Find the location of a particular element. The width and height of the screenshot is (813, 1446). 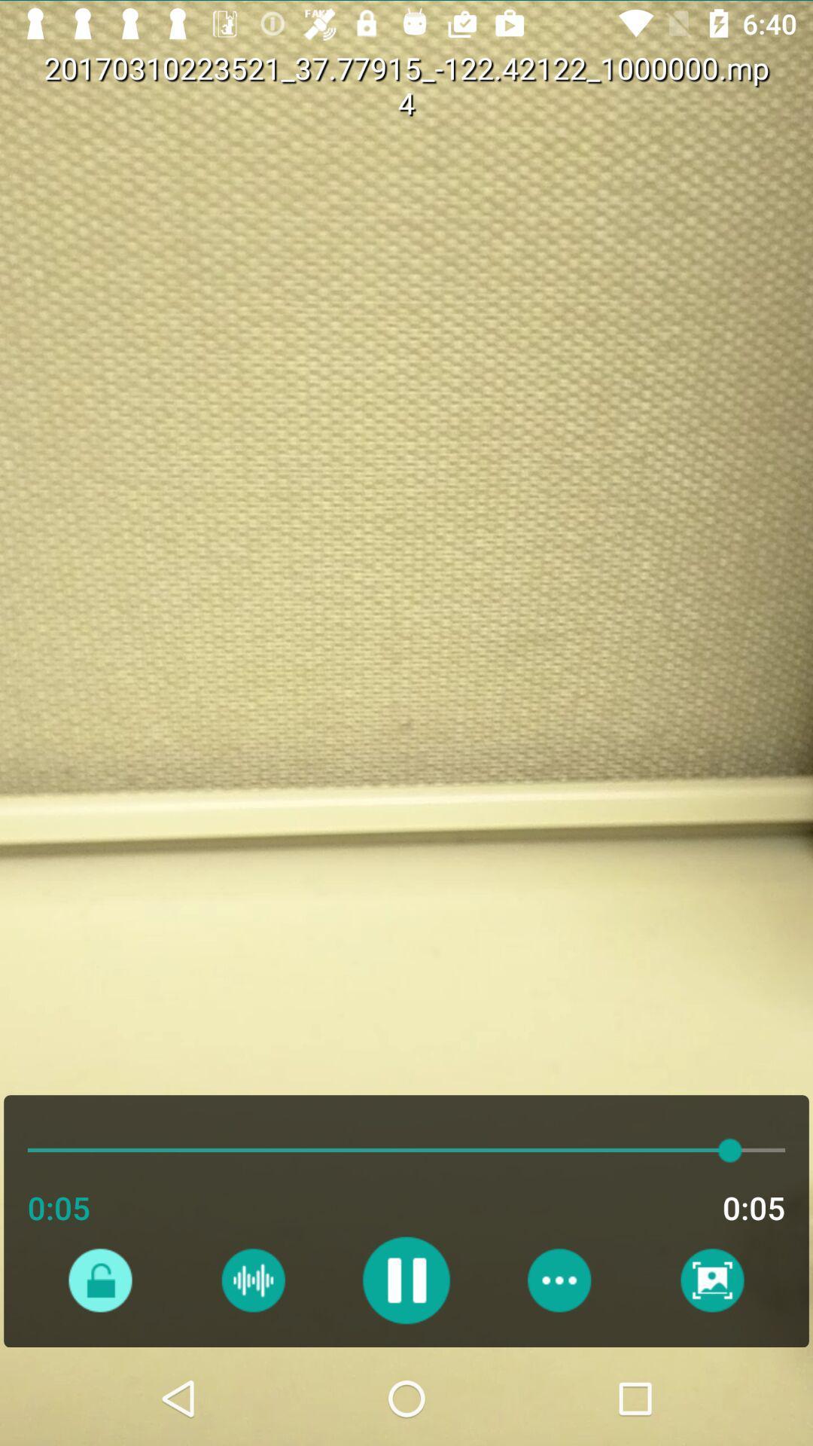

the 5 zeros and full stop from the top is located at coordinates (686, 102).